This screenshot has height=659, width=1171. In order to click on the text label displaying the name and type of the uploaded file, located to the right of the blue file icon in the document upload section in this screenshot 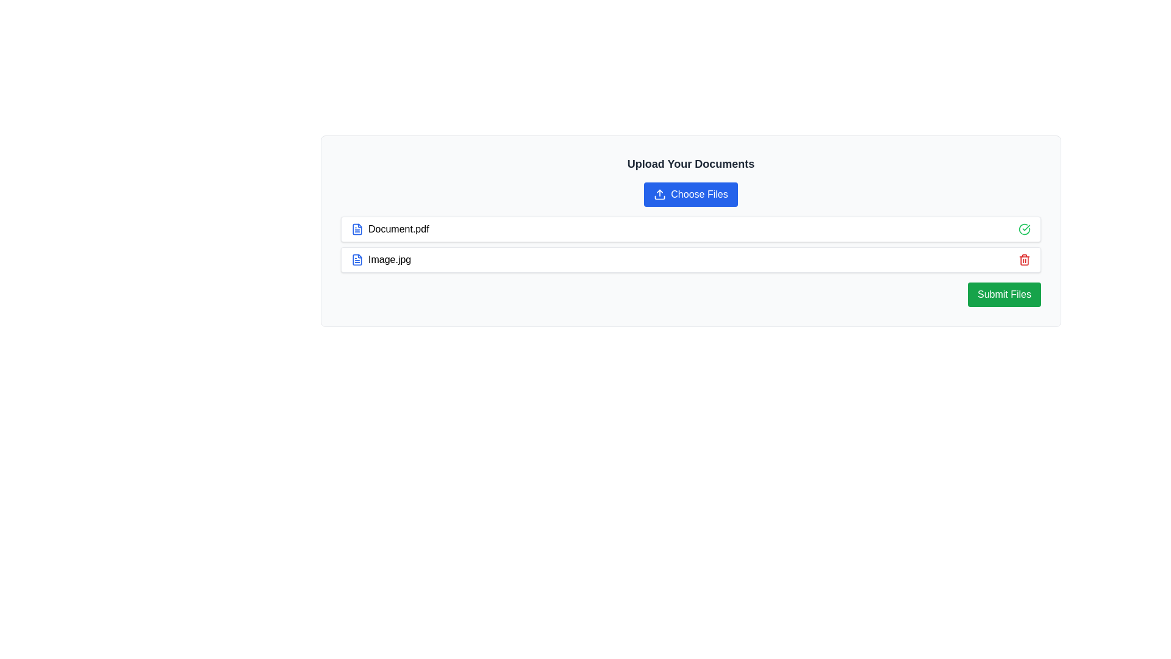, I will do `click(380, 259)`.